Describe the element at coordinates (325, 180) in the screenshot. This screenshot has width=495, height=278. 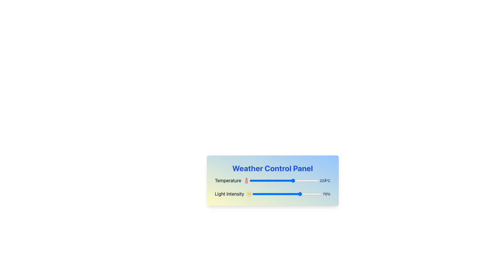
I see `the static text display showing '22Â°C' in the weather control panel` at that location.